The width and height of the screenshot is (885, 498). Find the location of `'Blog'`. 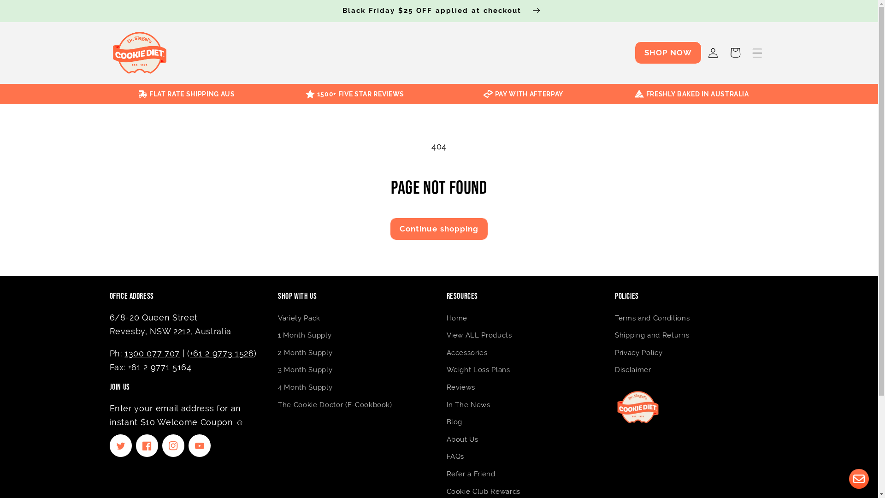

'Blog' is located at coordinates (454, 422).